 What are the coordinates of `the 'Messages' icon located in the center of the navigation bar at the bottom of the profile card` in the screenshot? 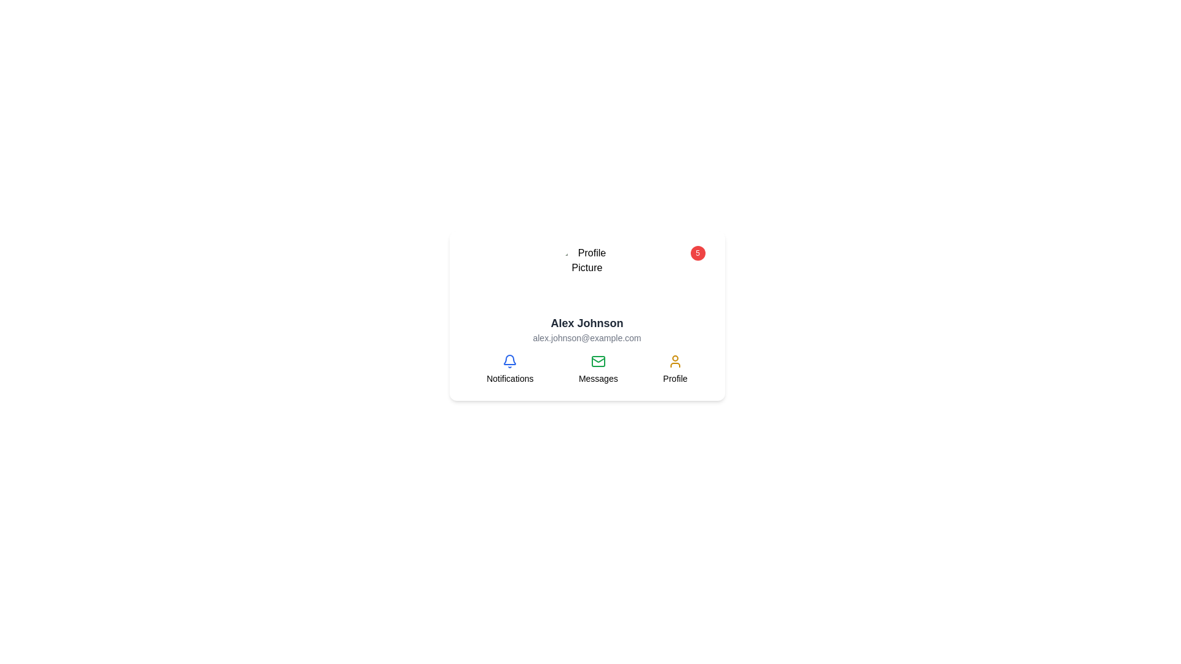 It's located at (586, 369).